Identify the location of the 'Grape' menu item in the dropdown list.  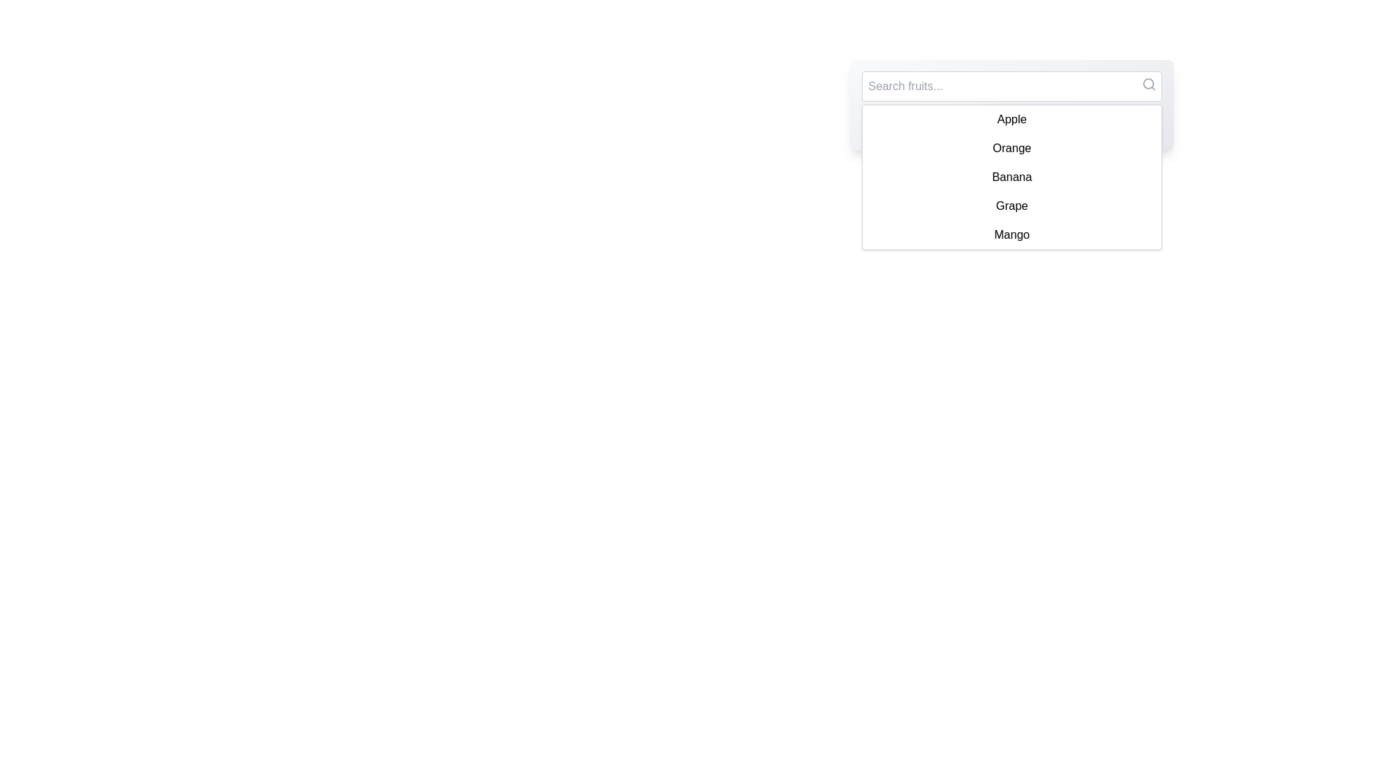
(1011, 206).